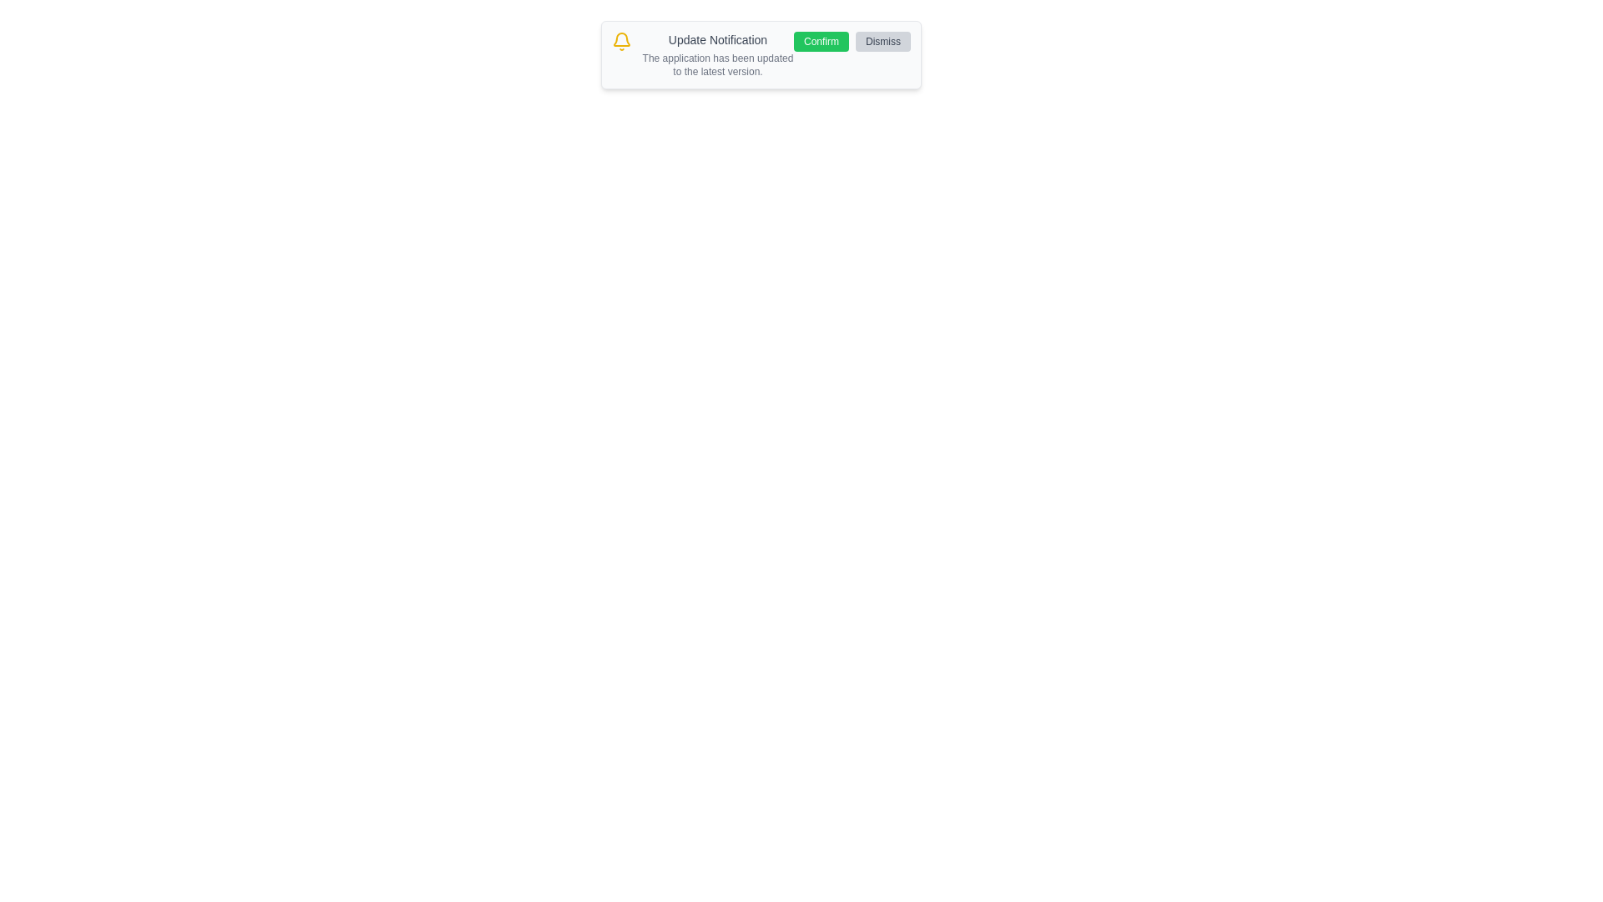 This screenshot has width=1603, height=902. Describe the element at coordinates (717, 53) in the screenshot. I see `the notification text block displaying 'Update Notification' with the description 'The application has been updated to the latest version.'` at that location.